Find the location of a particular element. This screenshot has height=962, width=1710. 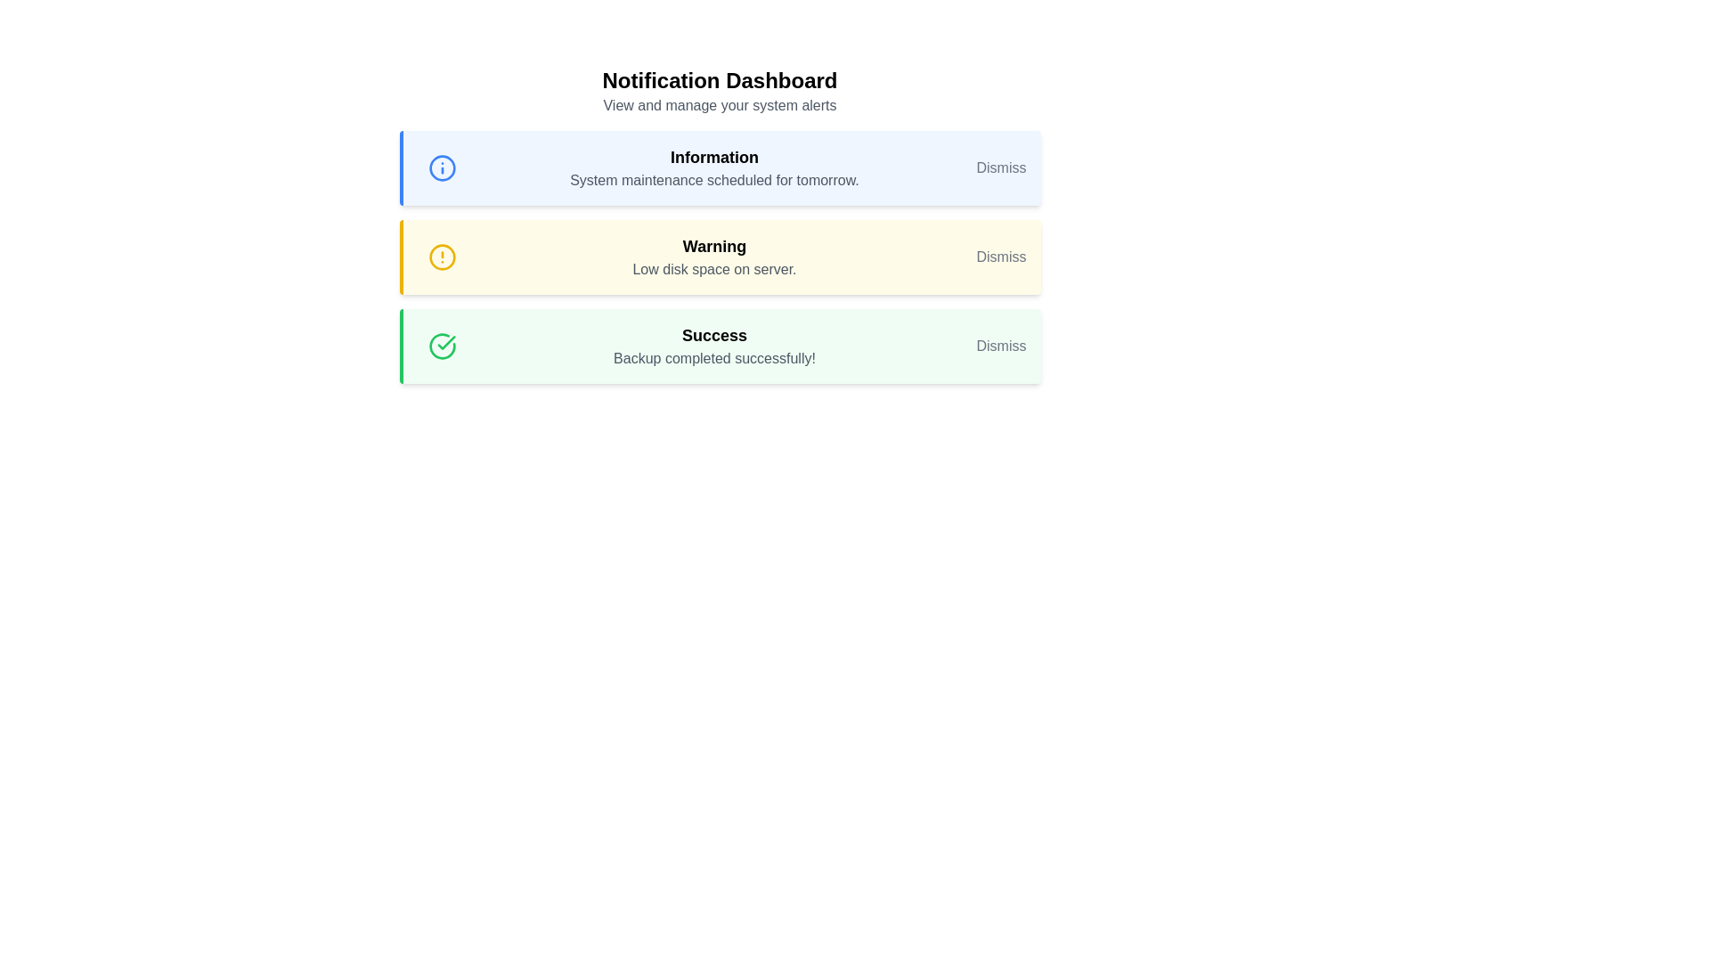

the blue circular information icon containing the letter 'i', located to the left of the 'Information' text in the first notification card is located at coordinates (442, 168).